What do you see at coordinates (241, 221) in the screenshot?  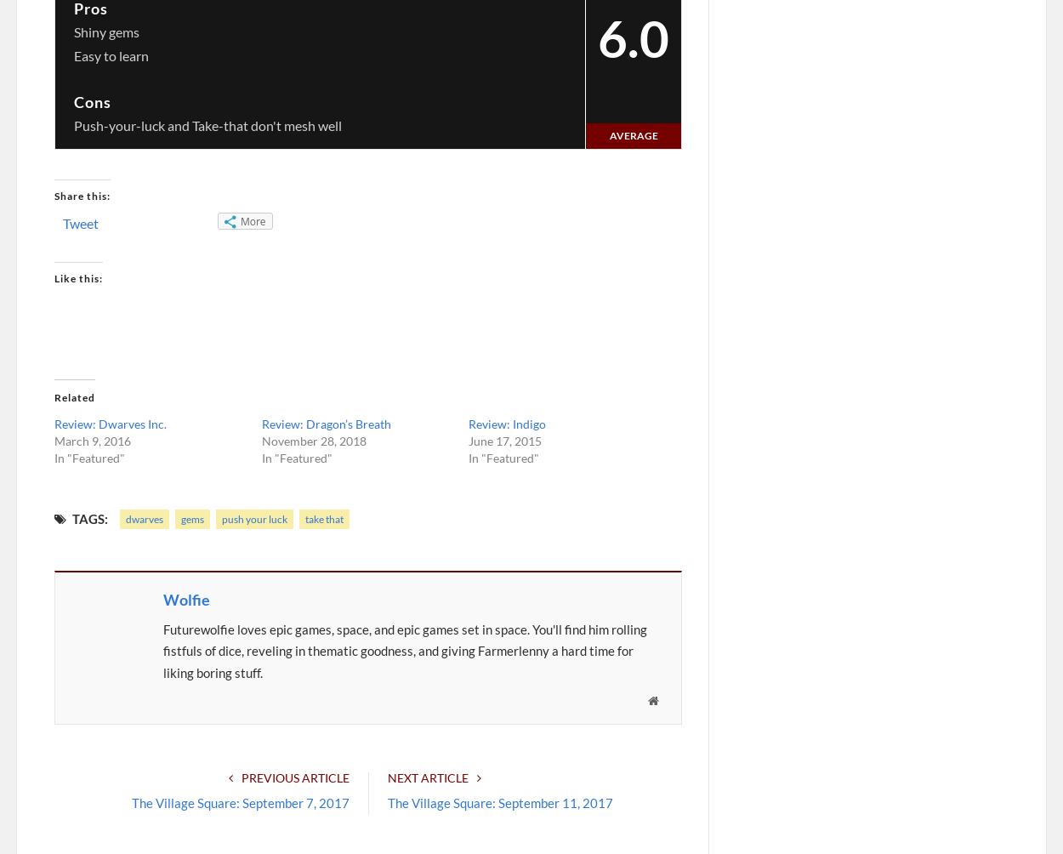 I see `'More'` at bounding box center [241, 221].